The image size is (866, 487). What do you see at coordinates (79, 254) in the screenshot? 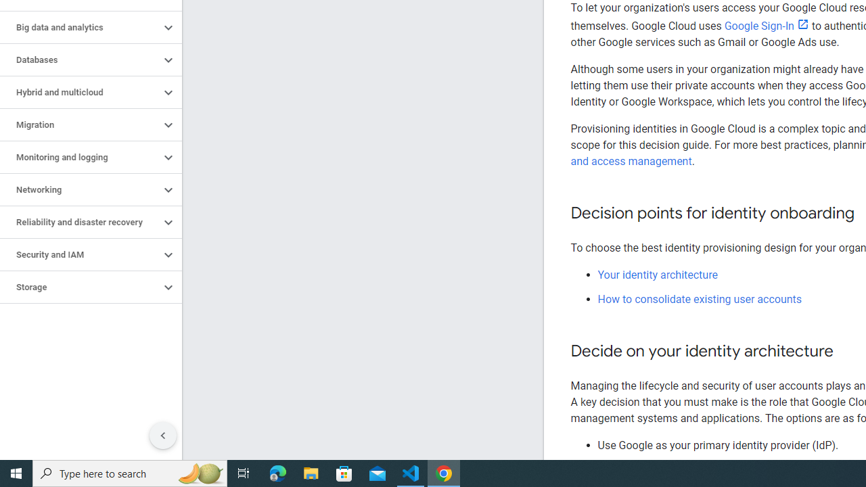
I see `'Security and IAM'` at bounding box center [79, 254].